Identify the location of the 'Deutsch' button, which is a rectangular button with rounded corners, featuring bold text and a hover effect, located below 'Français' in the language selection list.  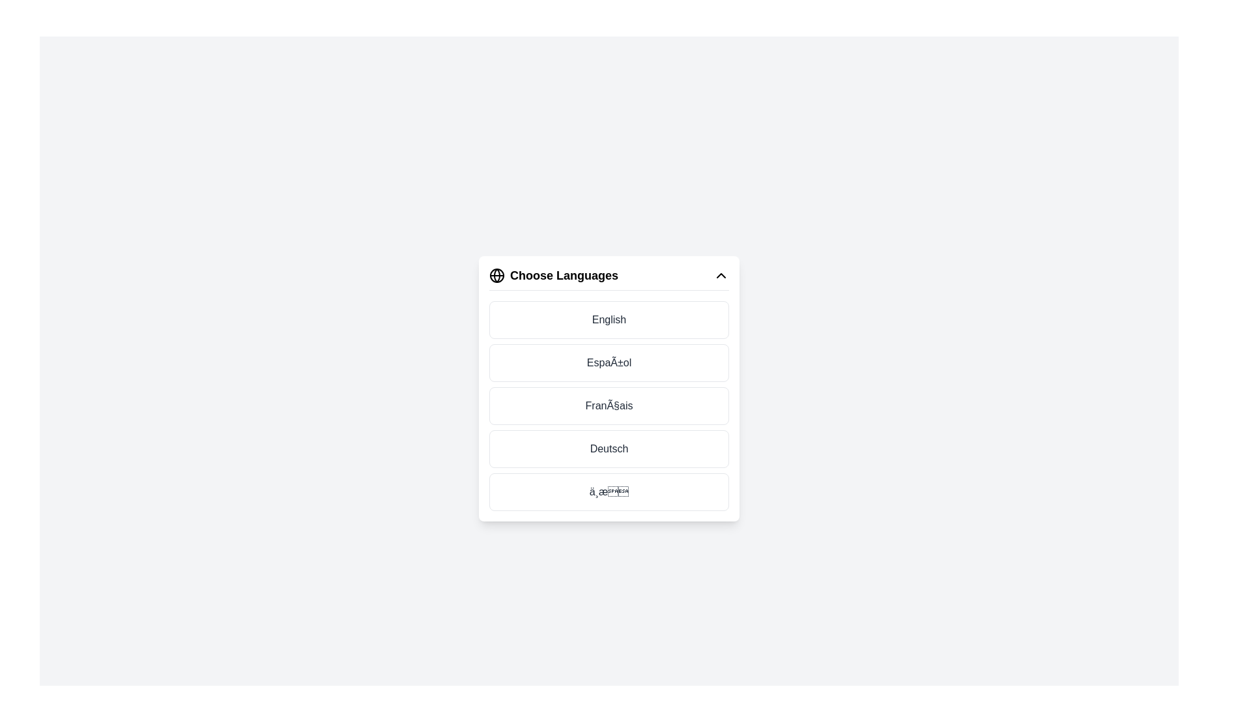
(609, 448).